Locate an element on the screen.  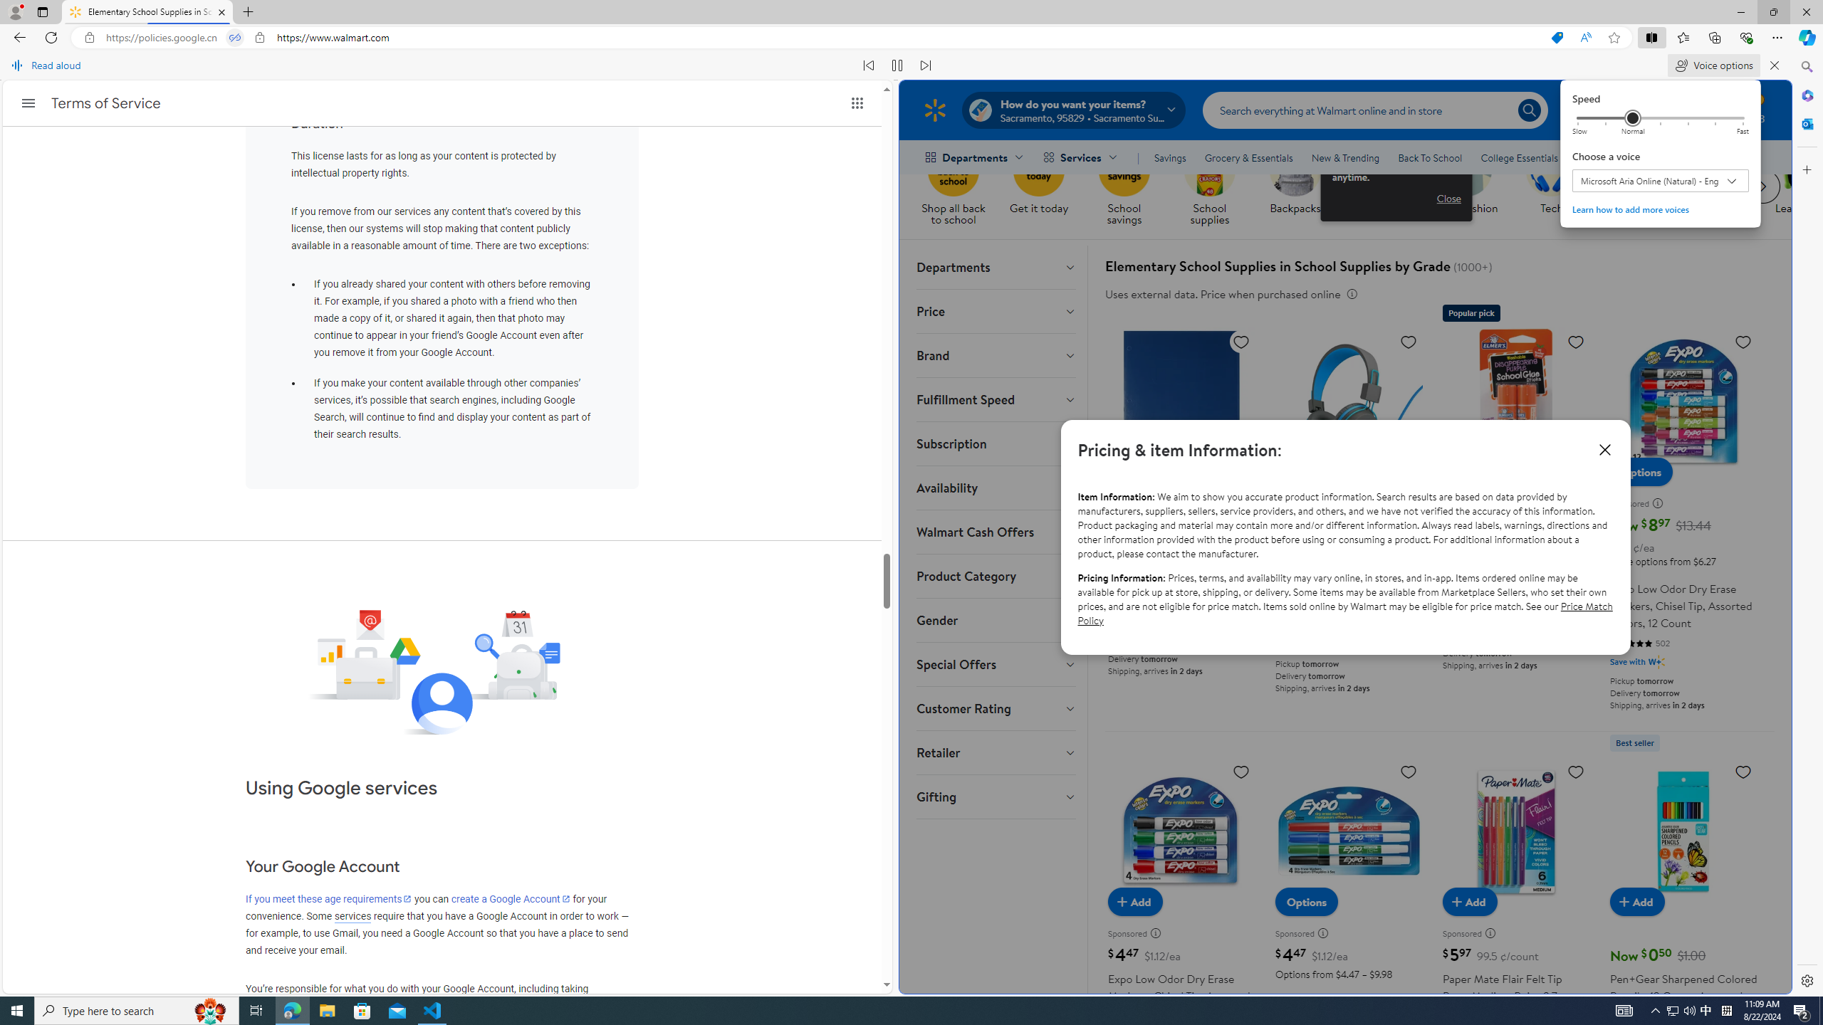
'Read next paragraph' is located at coordinates (926, 65).